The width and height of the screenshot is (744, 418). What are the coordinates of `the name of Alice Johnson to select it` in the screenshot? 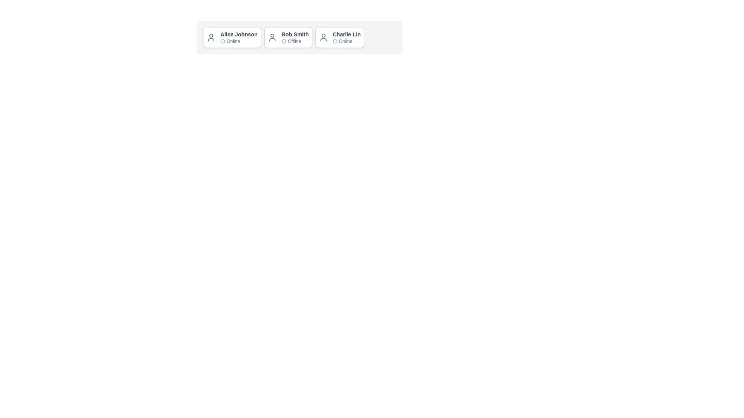 It's located at (238, 34).